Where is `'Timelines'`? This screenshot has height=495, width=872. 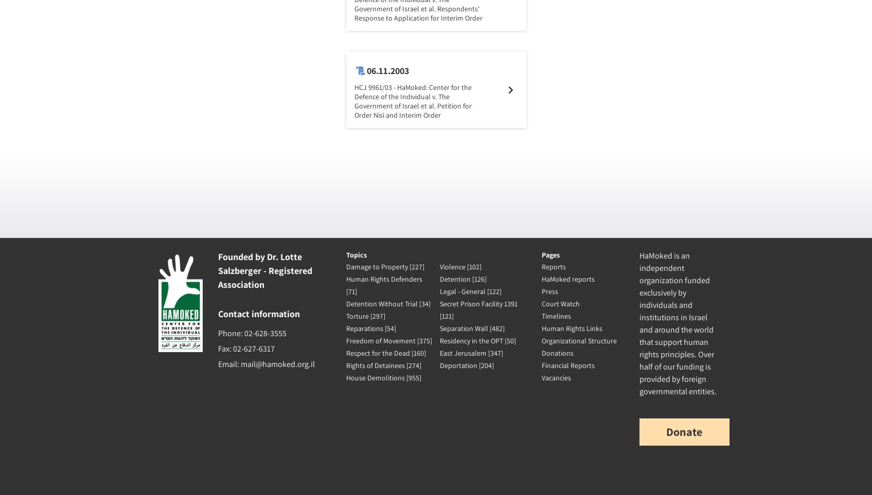
'Timelines' is located at coordinates (556, 315).